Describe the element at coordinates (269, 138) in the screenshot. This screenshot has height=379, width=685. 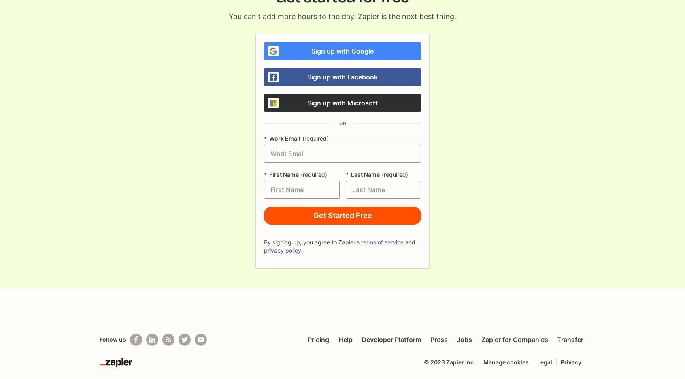
I see `'Work Email'` at that location.